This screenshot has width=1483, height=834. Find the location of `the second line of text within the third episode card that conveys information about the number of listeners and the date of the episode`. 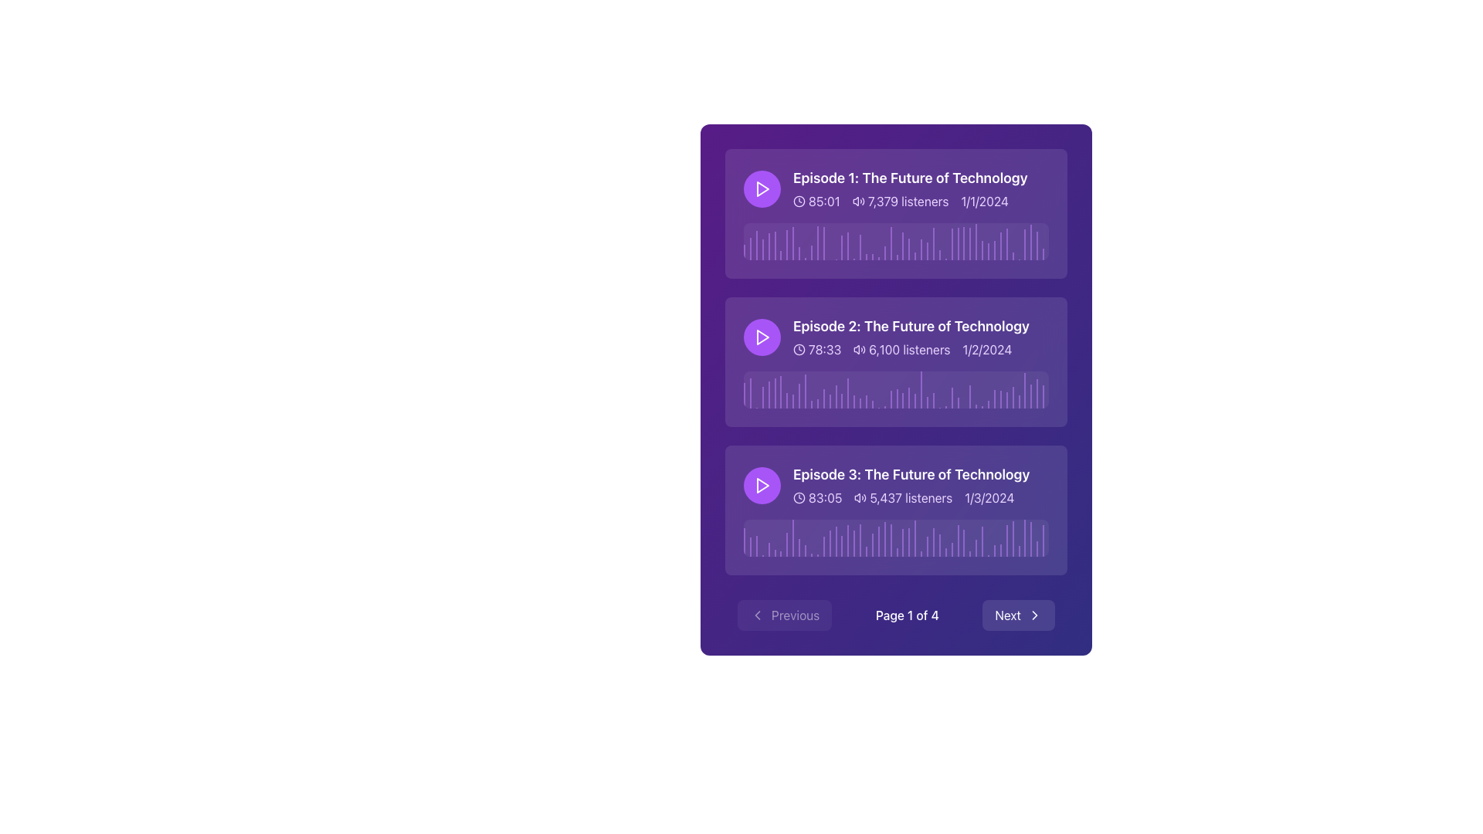

the second line of text within the third episode card that conveys information about the number of listeners and the date of the episode is located at coordinates (911, 497).